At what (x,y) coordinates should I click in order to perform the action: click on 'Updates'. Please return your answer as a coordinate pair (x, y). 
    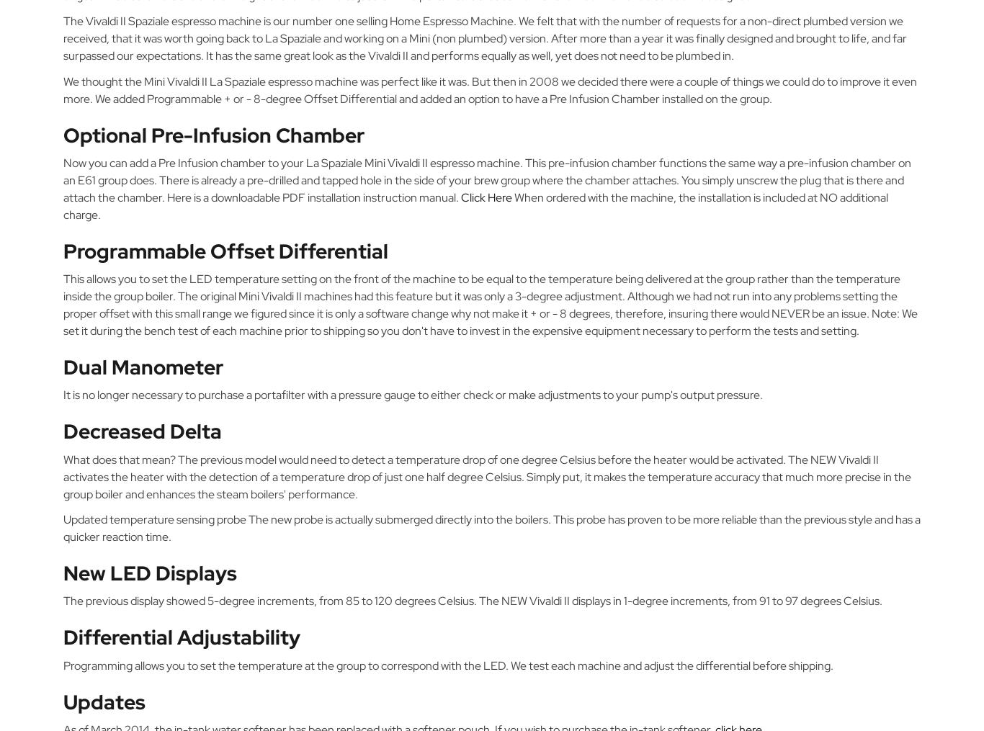
    Looking at the image, I should click on (103, 701).